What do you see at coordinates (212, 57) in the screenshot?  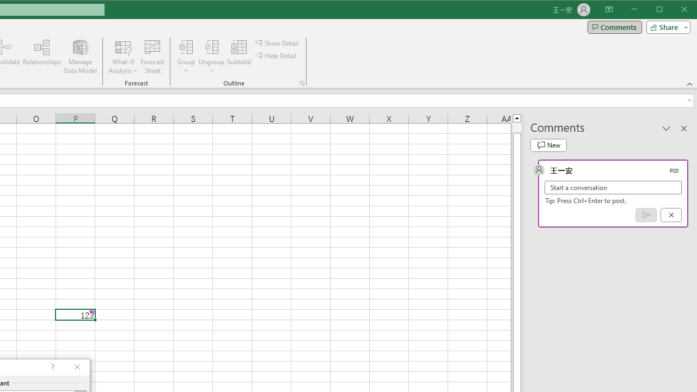 I see `'Ungroup...'` at bounding box center [212, 57].